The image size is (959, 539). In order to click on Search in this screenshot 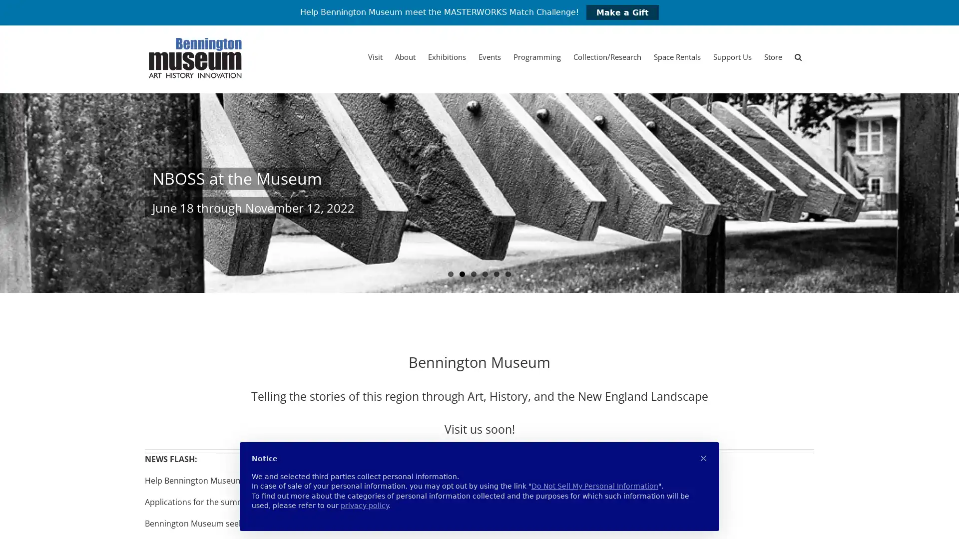, I will do `click(798, 57)`.